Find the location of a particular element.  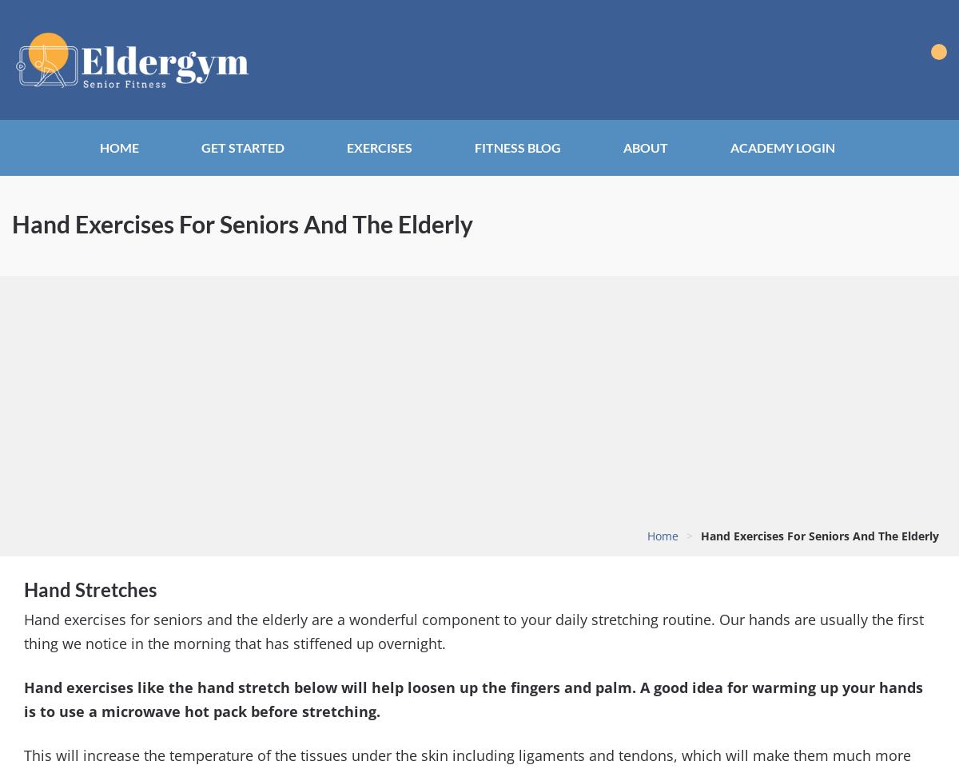

'Exercises' is located at coordinates (378, 147).